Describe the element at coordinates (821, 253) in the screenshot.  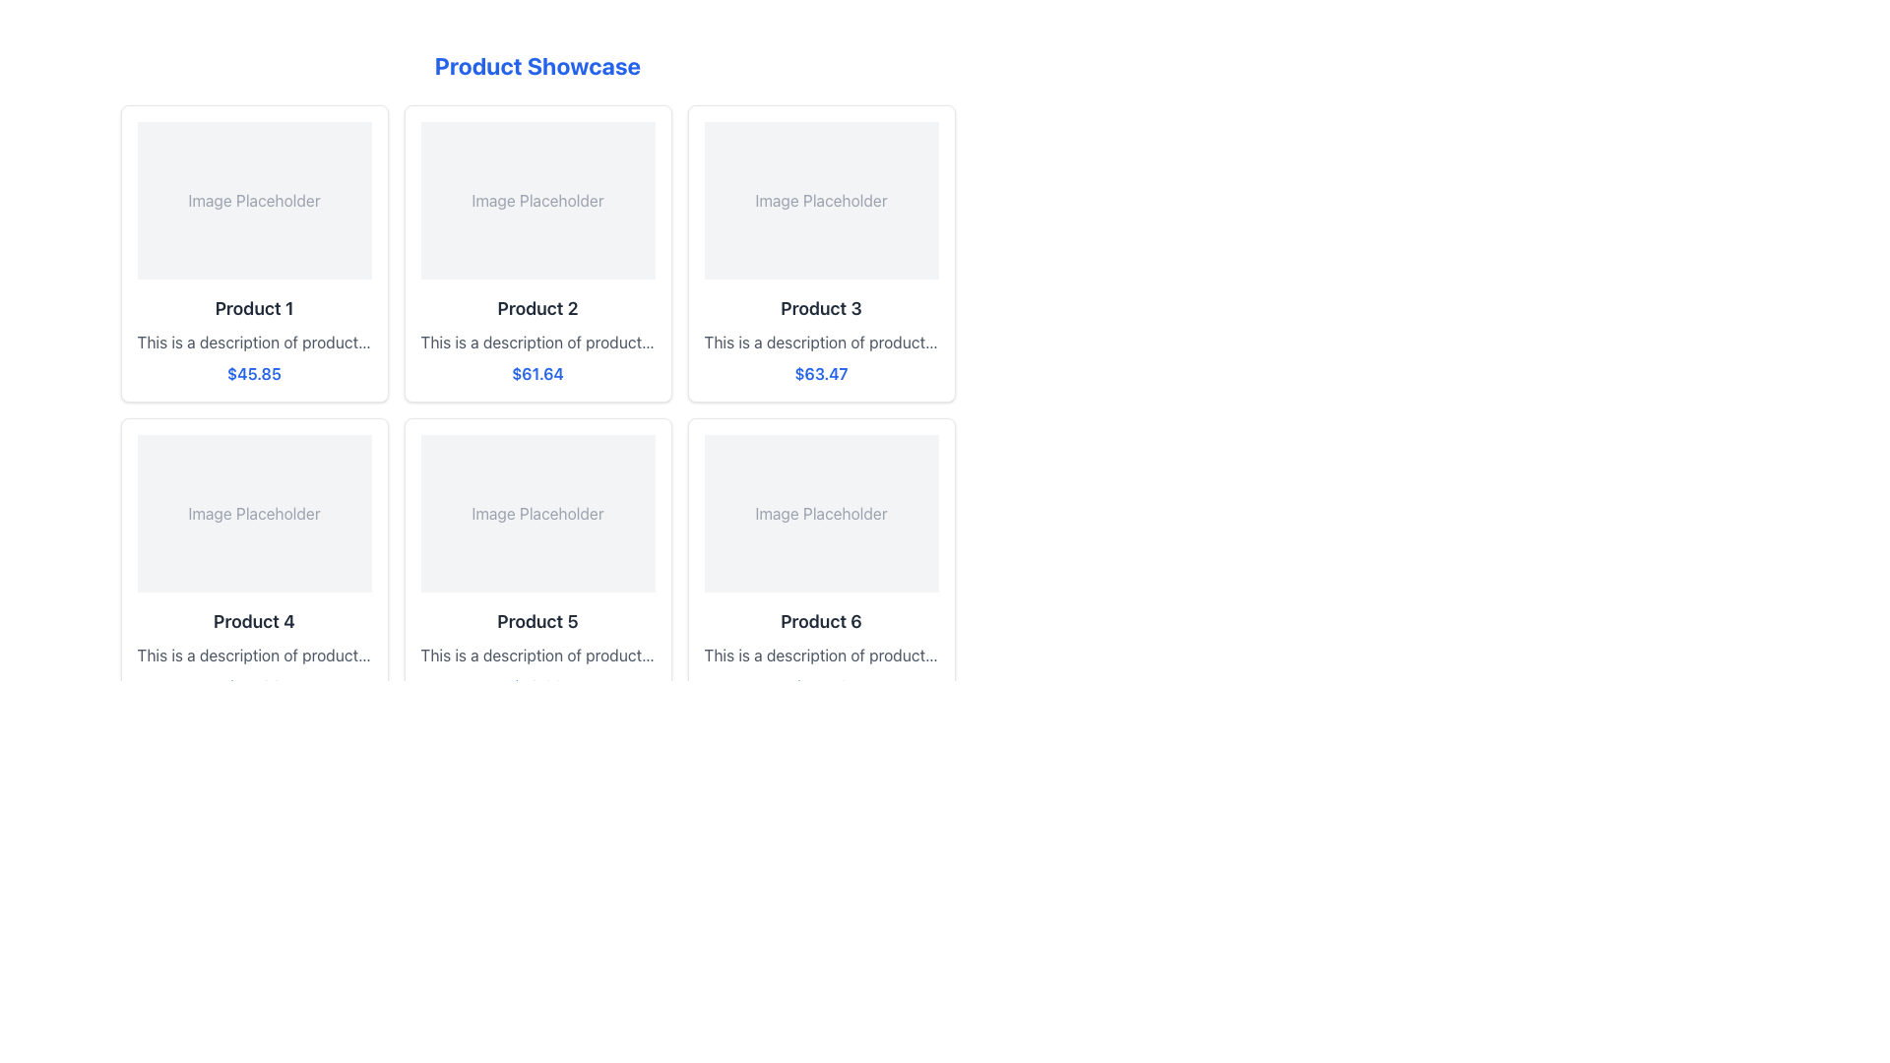
I see `the third product display card in the grid layout that showcases the product's name, description, and price` at that location.